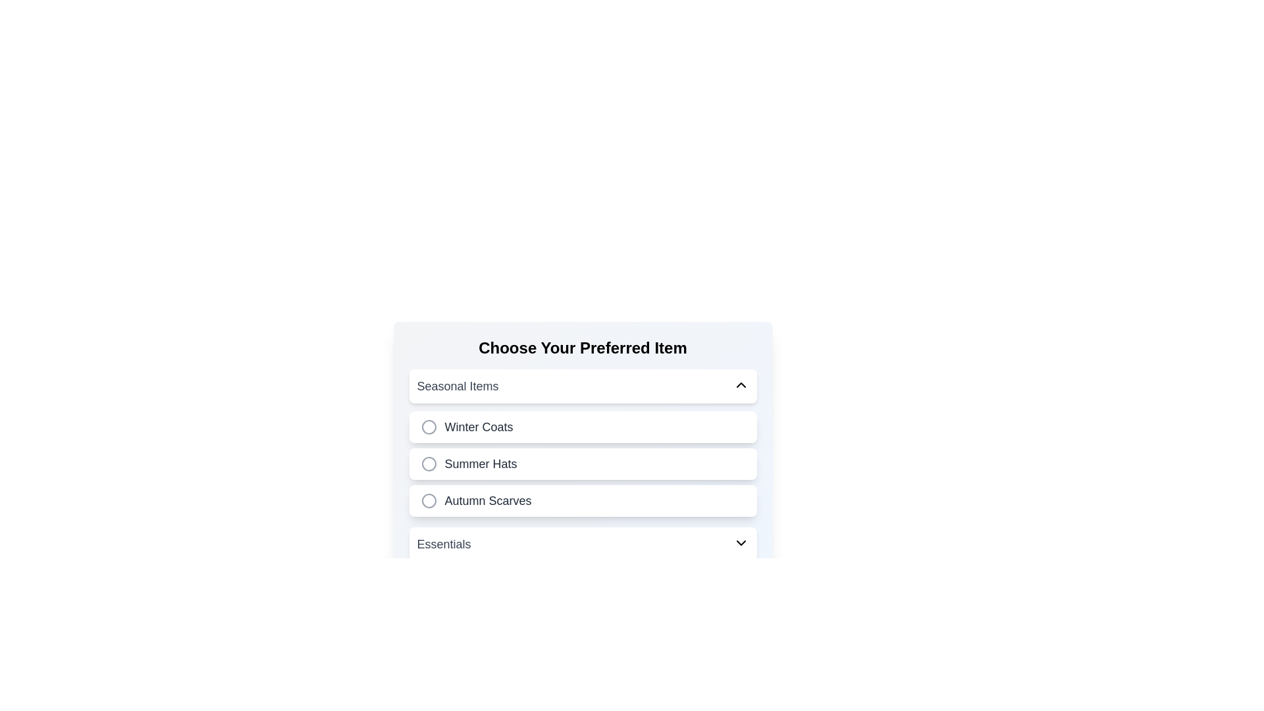 The width and height of the screenshot is (1264, 711). Describe the element at coordinates (429, 500) in the screenshot. I see `the radio button for the 'Autumn Scarves' option, which is a circular icon outlined in gray, positioned slightly to the left of its text label` at that location.